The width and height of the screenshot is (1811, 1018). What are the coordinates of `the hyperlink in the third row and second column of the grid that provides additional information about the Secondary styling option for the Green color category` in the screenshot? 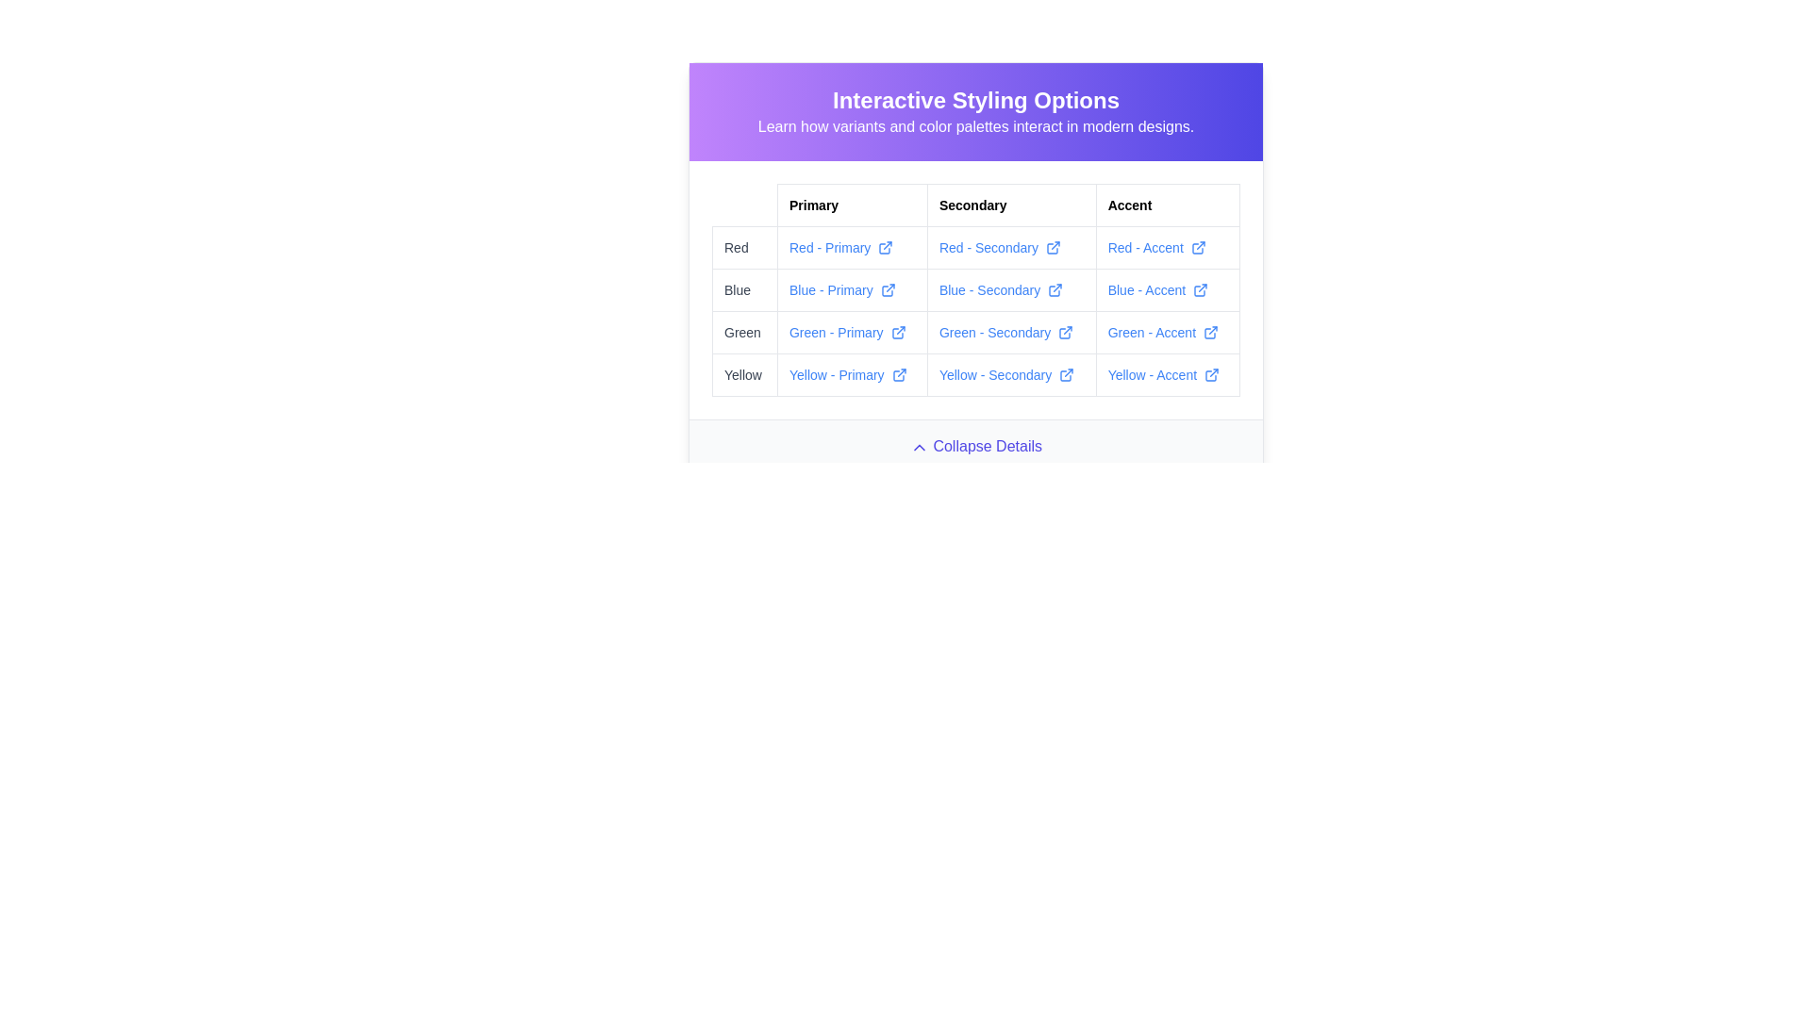 It's located at (976, 332).